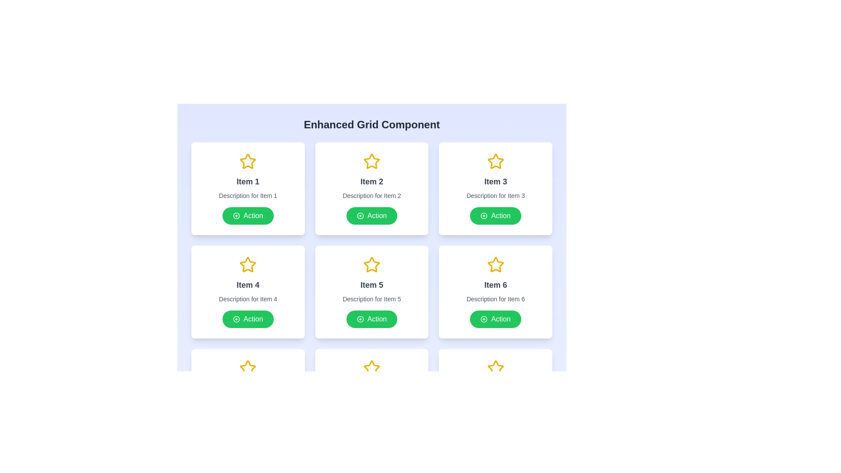 This screenshot has height=473, width=841. I want to click on the text label that serves as the title for the card labeled 'Item 6' located in the third column of the second row of the grid layout, so click(495, 285).